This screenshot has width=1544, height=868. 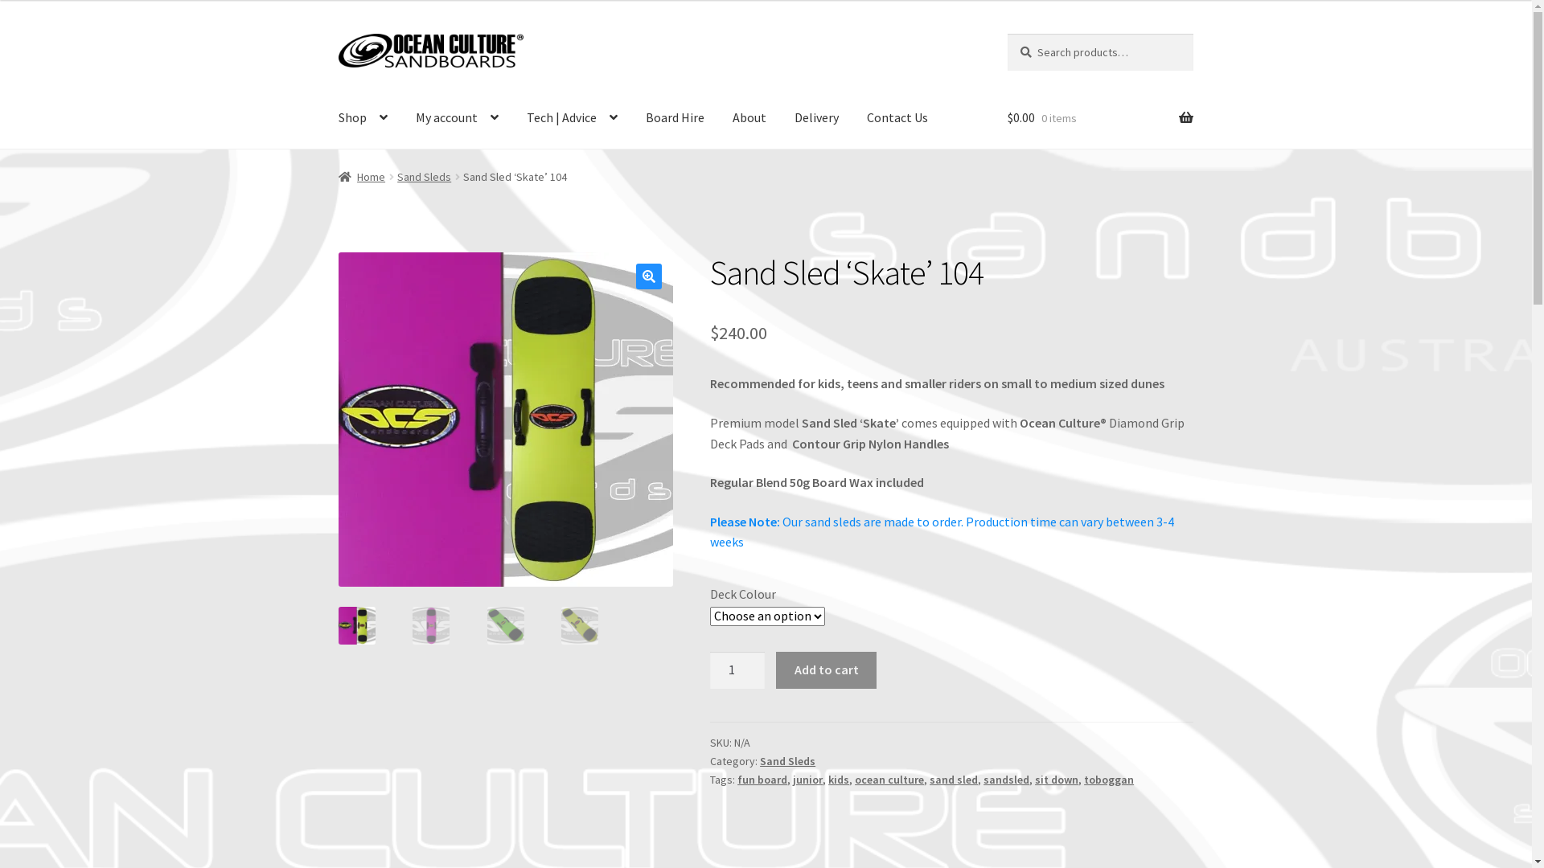 I want to click on 'Search', so click(x=1006, y=33).